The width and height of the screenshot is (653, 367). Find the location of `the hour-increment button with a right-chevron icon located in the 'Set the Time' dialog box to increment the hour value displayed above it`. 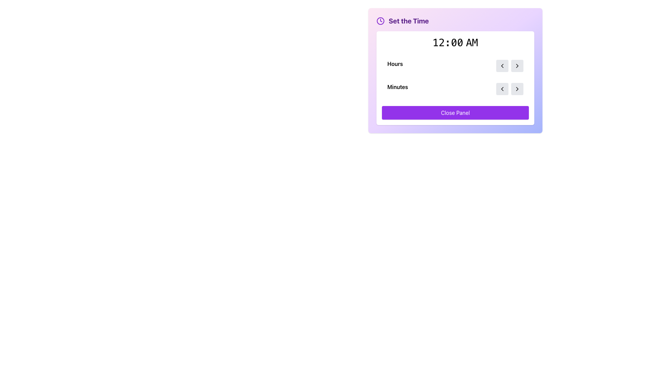

the hour-increment button with a right-chevron icon located in the 'Set the Time' dialog box to increment the hour value displayed above it is located at coordinates (517, 66).